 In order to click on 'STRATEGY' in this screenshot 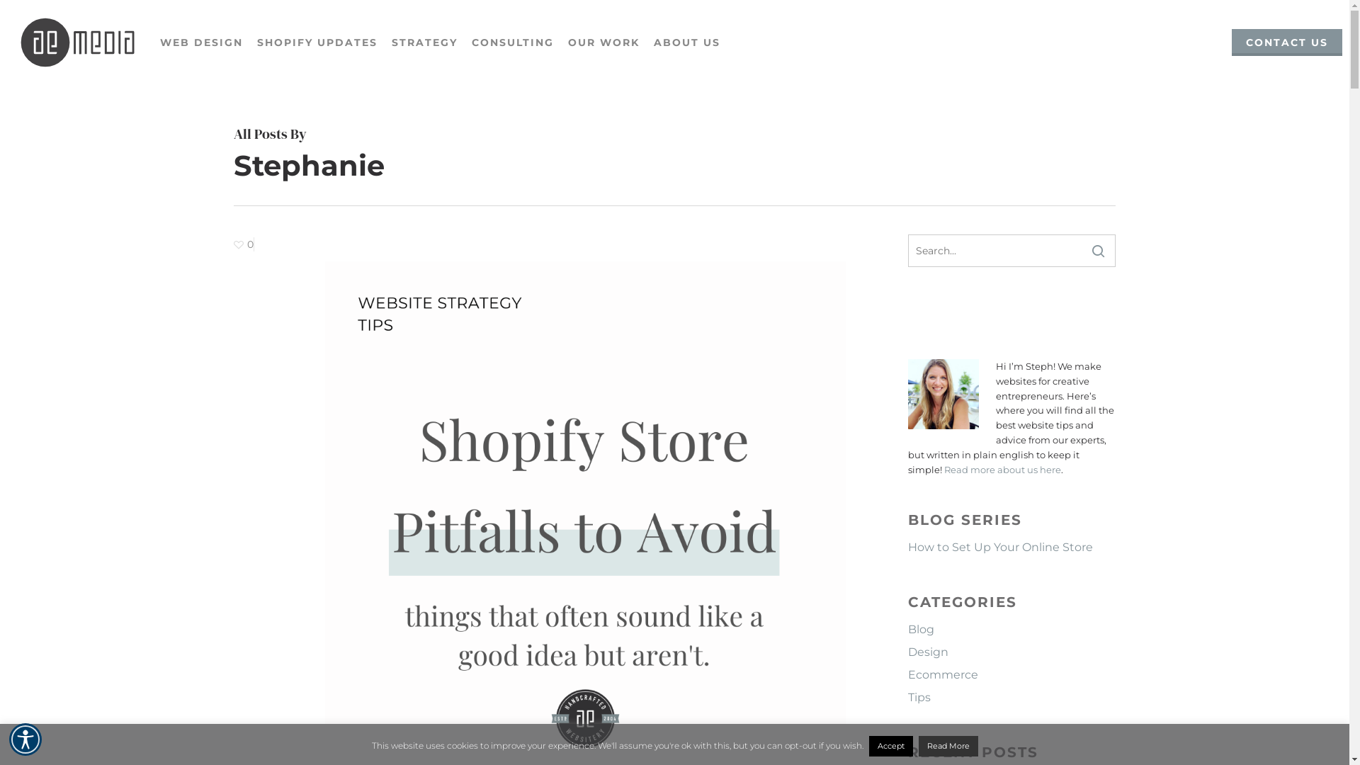, I will do `click(424, 42)`.